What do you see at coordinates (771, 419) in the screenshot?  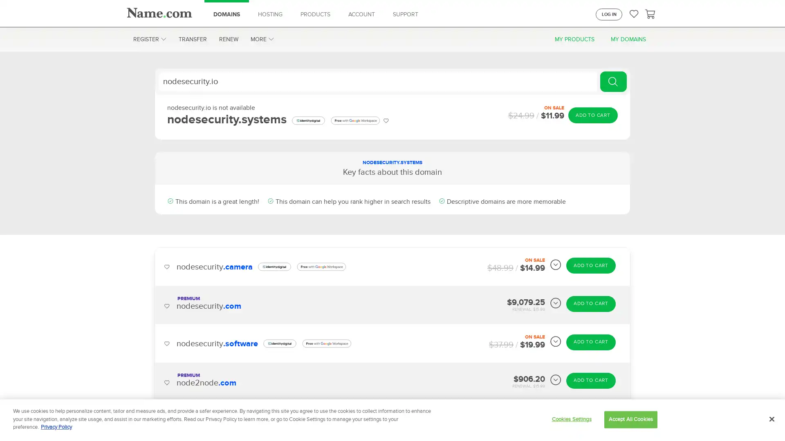 I see `Close` at bounding box center [771, 419].